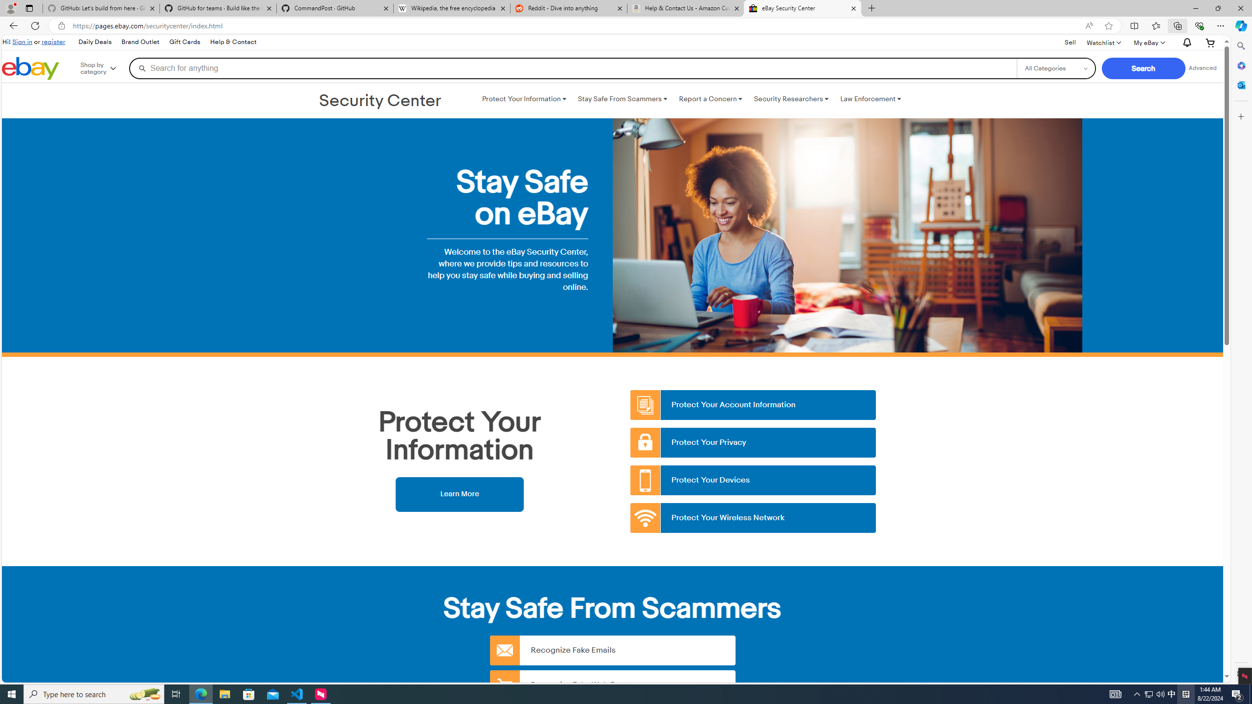  What do you see at coordinates (753, 442) in the screenshot?
I see `'Protect Your Privacy'` at bounding box center [753, 442].